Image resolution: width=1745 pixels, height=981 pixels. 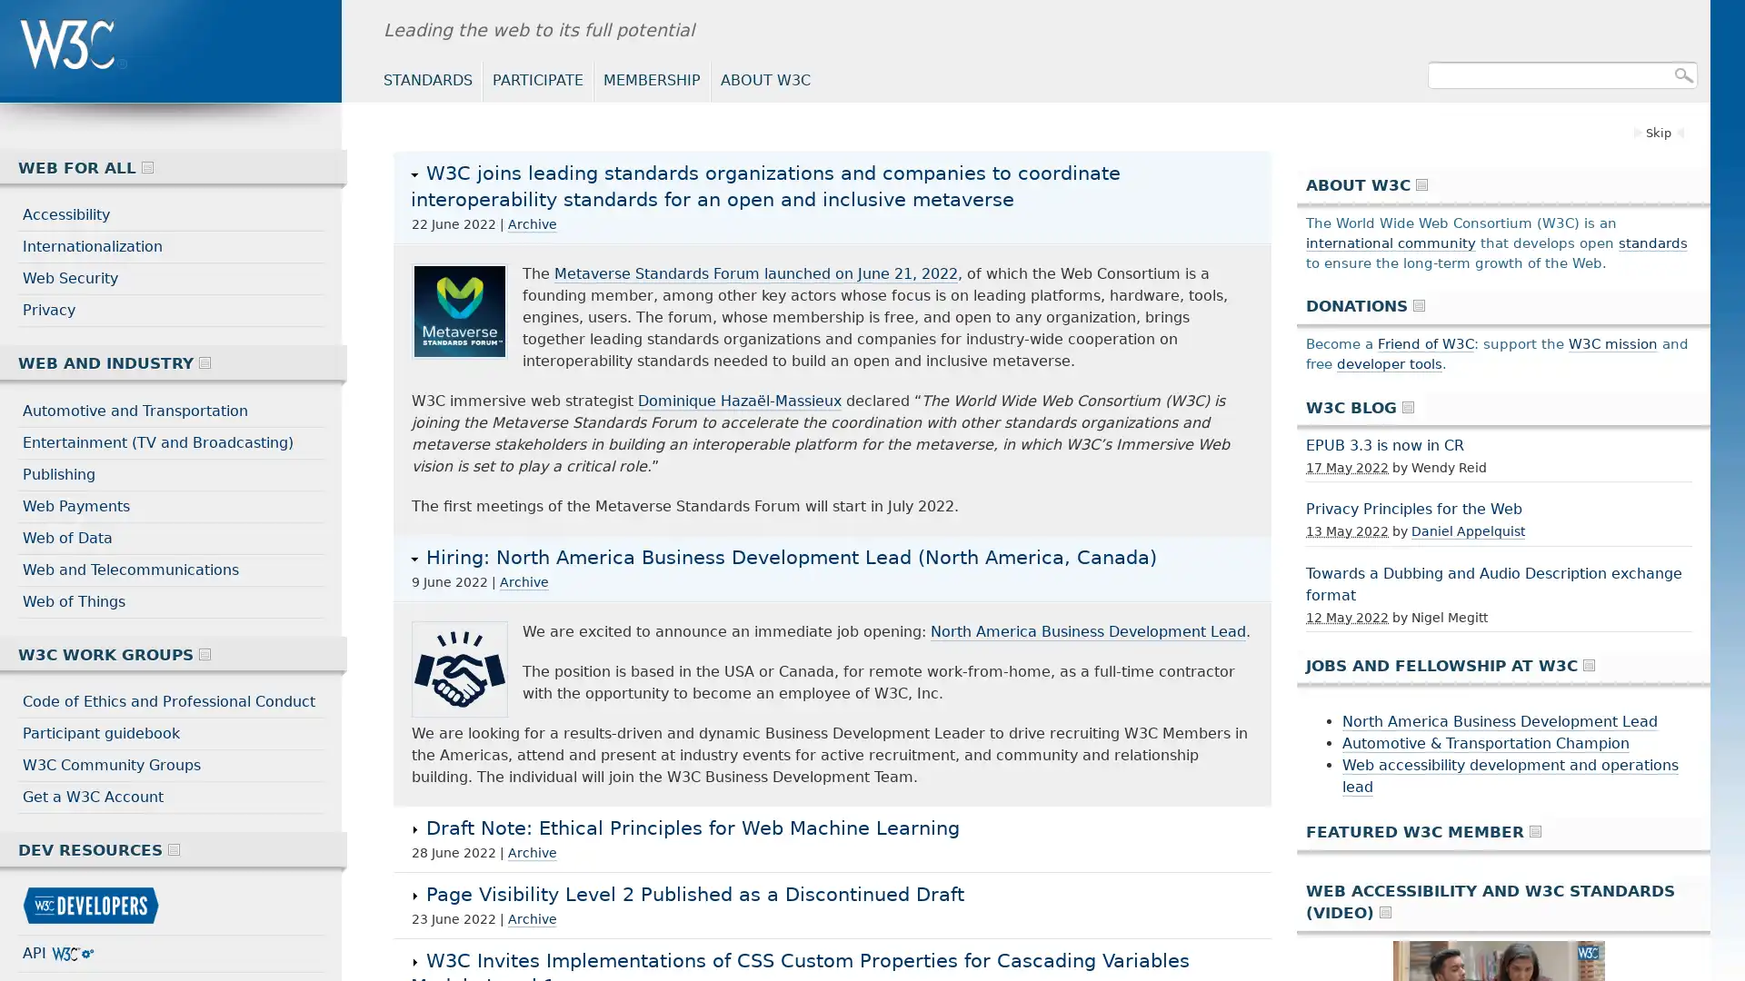 I want to click on Search, so click(x=1682, y=74).